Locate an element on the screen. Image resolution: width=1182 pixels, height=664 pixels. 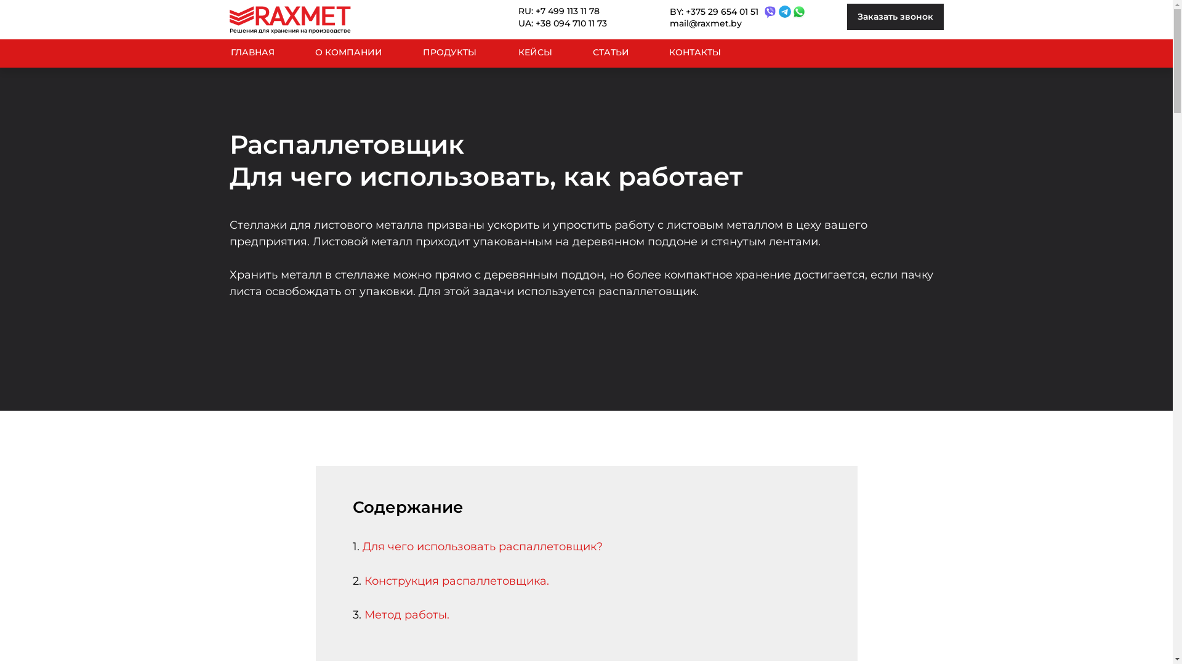
'UA: +38 094 710 11 73' is located at coordinates (571, 23).